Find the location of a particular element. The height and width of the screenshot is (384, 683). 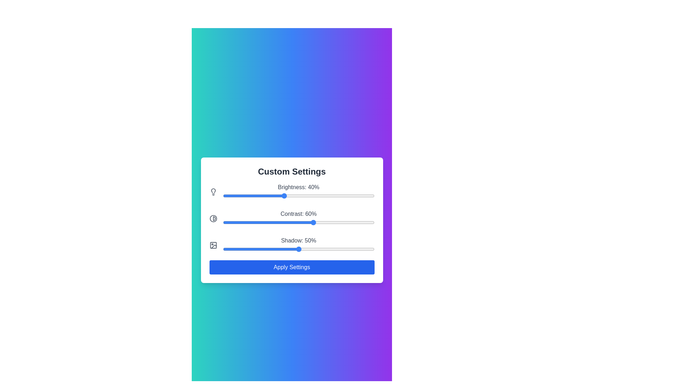

the Shadow slider to set its value to 87 is located at coordinates (355, 249).